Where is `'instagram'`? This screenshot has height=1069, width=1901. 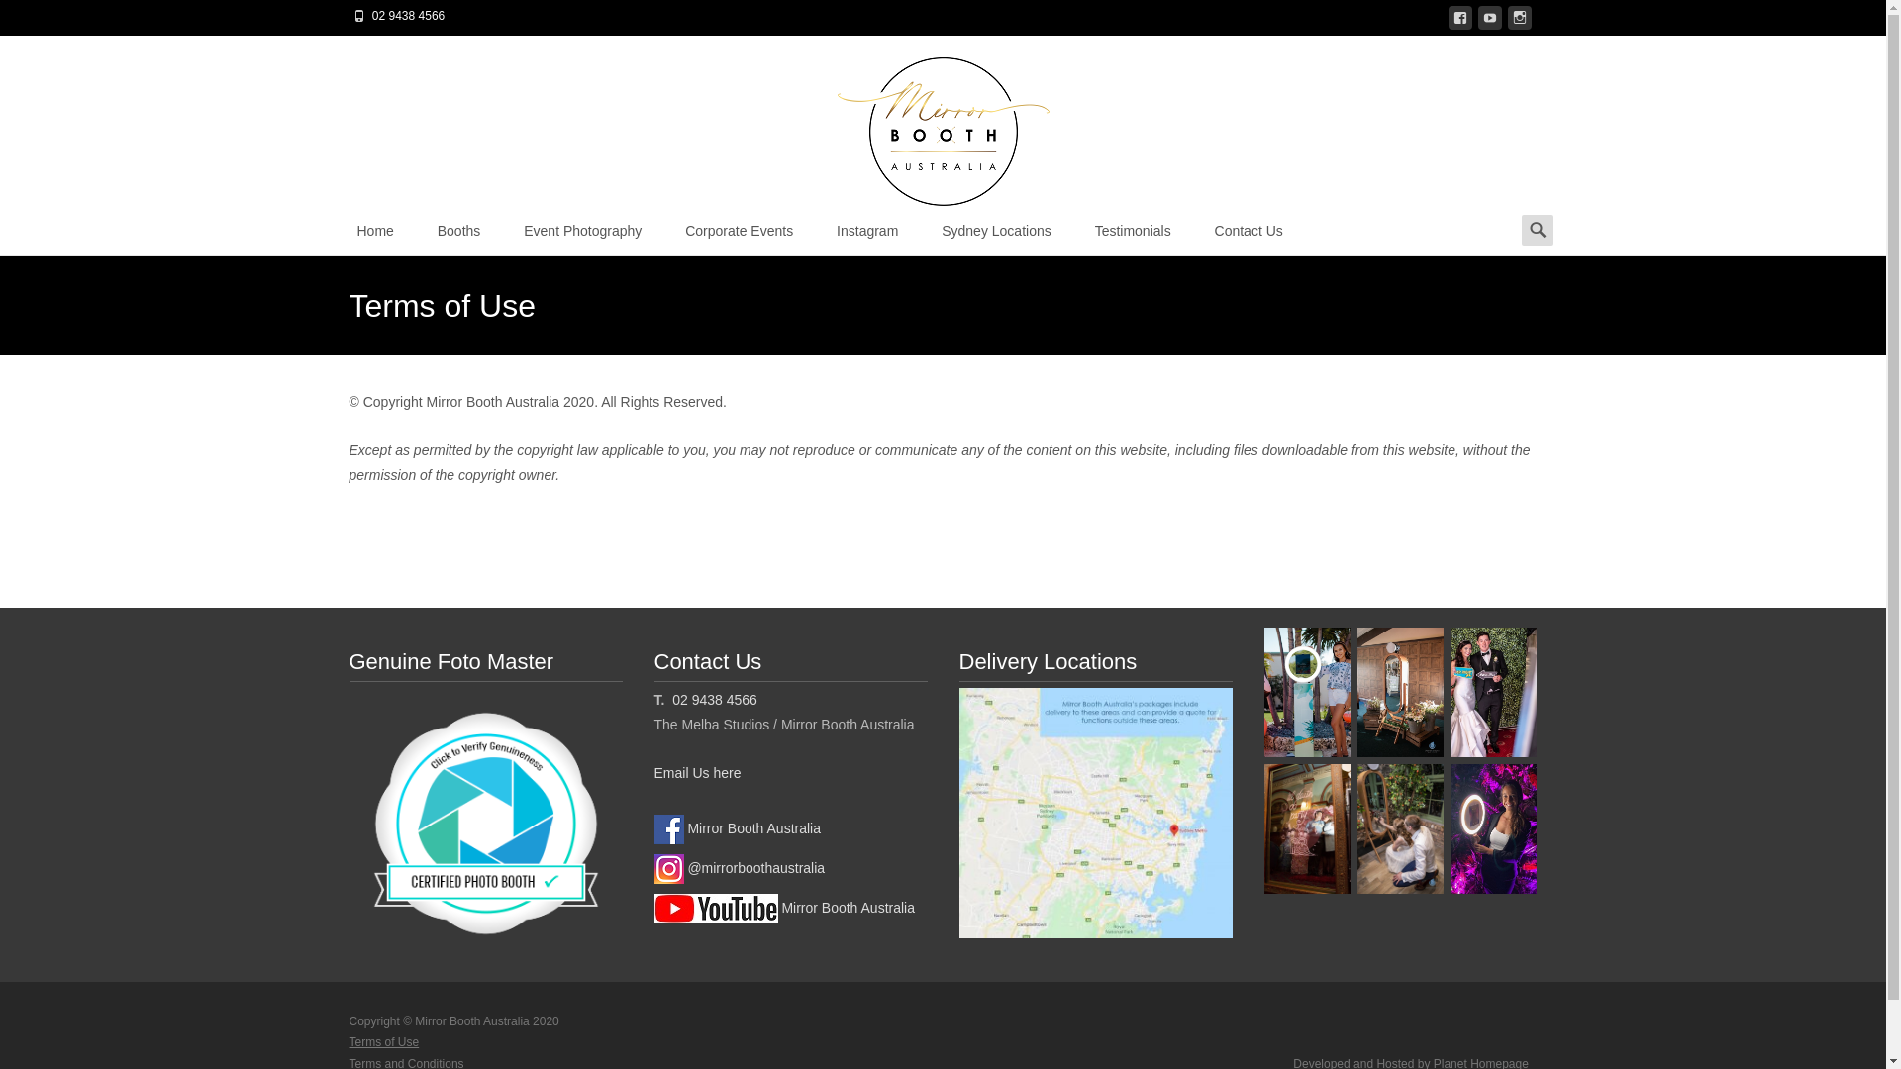 'instagram' is located at coordinates (1518, 22).